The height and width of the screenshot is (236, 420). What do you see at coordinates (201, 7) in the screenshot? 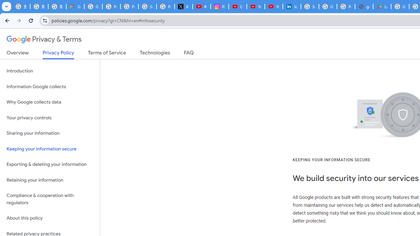
I see `'#nbabasketballhighlights - YouTube'` at bounding box center [201, 7].